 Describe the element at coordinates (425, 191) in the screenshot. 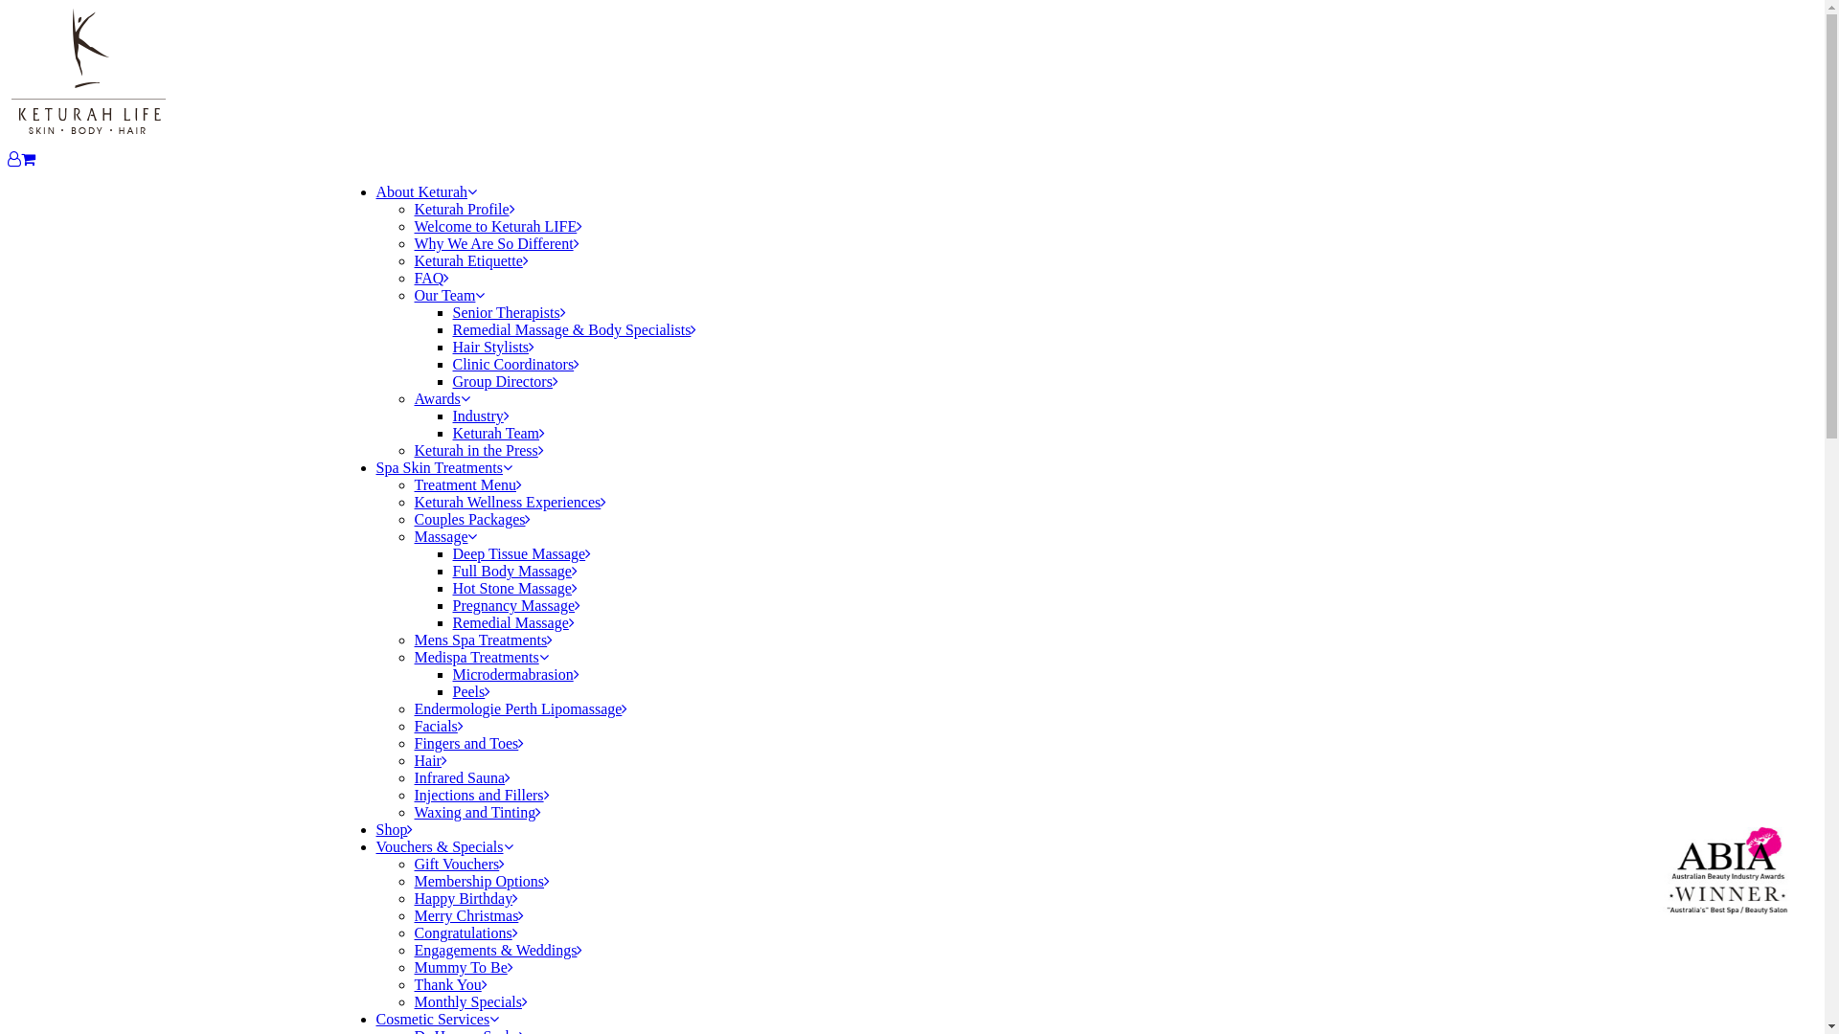

I see `'About Keturah'` at that location.